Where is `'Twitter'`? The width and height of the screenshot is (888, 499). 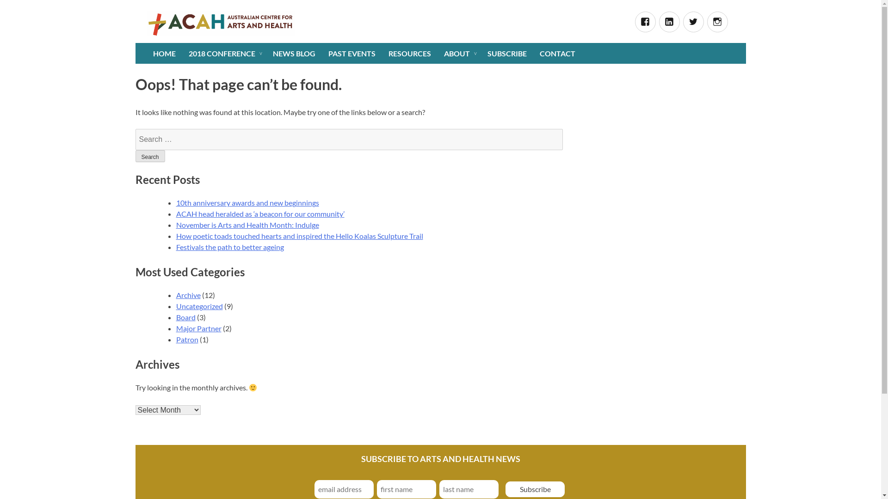
'Twitter' is located at coordinates (693, 21).